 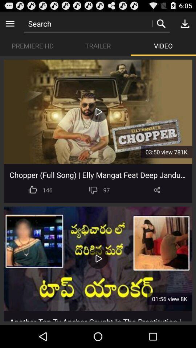 What do you see at coordinates (93, 190) in the screenshot?
I see `app next to the 97` at bounding box center [93, 190].